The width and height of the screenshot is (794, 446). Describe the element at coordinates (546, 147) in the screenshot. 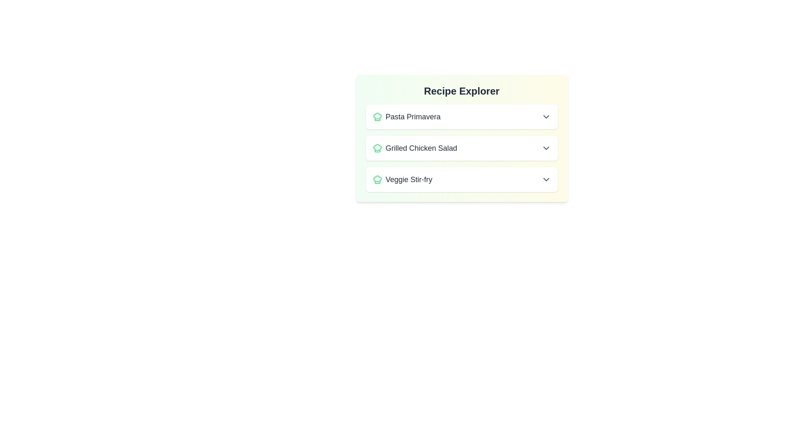

I see `dropdown button for Grilled Chicken Salad to toggle its description` at that location.